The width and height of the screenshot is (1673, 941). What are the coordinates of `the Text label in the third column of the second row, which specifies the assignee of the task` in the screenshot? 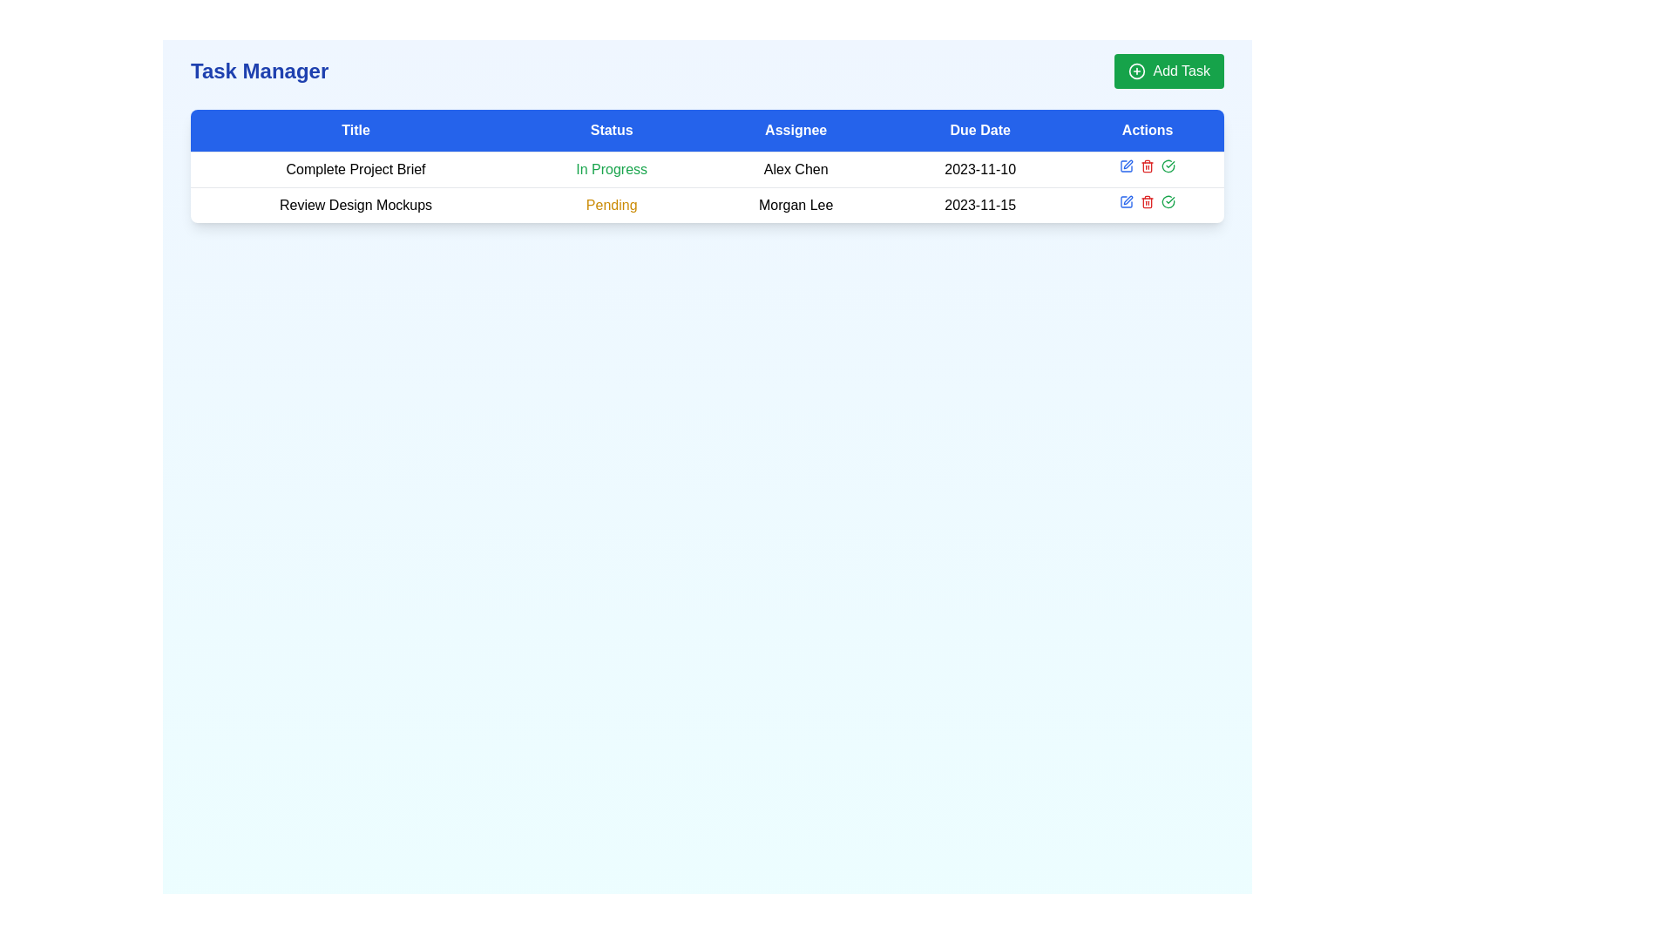 It's located at (795, 204).